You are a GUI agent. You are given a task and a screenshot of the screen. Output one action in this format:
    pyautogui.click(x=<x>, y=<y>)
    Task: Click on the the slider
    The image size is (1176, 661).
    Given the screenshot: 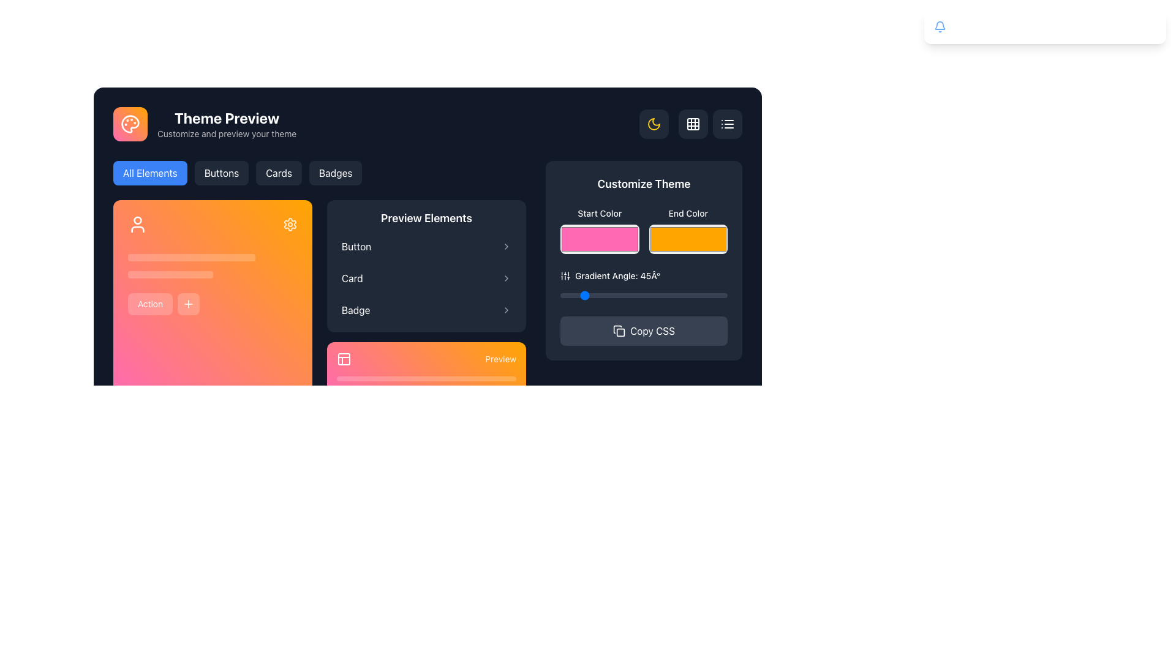 What is the action you would take?
    pyautogui.click(x=198, y=256)
    